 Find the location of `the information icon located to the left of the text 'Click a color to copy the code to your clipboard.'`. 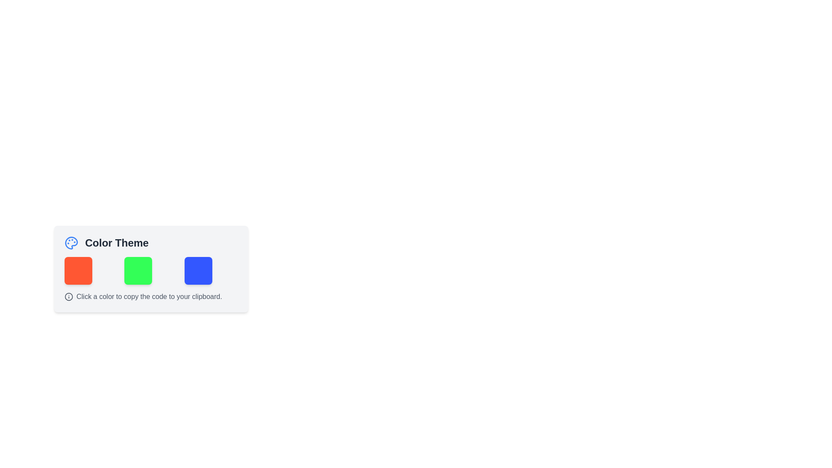

the information icon located to the left of the text 'Click a color to copy the code to your clipboard.' is located at coordinates (68, 296).